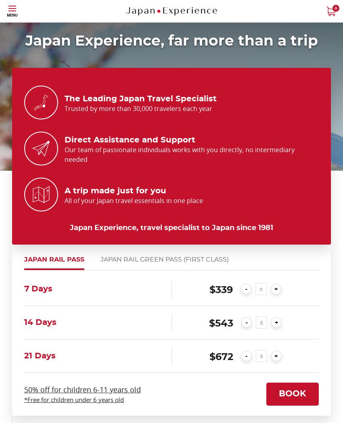 The image size is (343, 423). Describe the element at coordinates (220, 357) in the screenshot. I see `'$672'` at that location.